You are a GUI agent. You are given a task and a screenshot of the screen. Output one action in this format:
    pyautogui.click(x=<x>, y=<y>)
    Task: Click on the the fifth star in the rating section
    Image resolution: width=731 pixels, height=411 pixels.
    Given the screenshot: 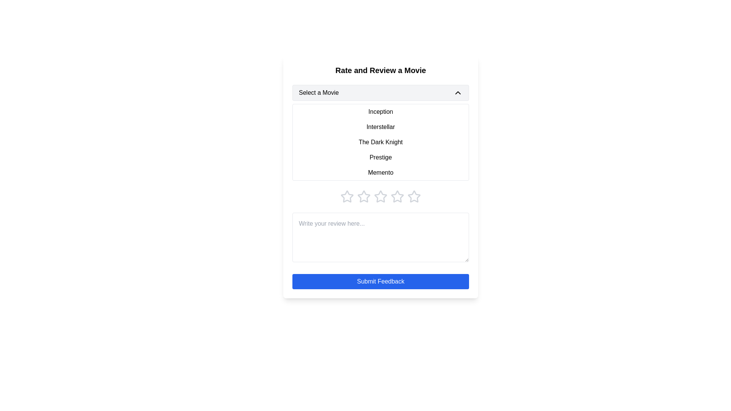 What is the action you would take?
    pyautogui.click(x=414, y=196)
    